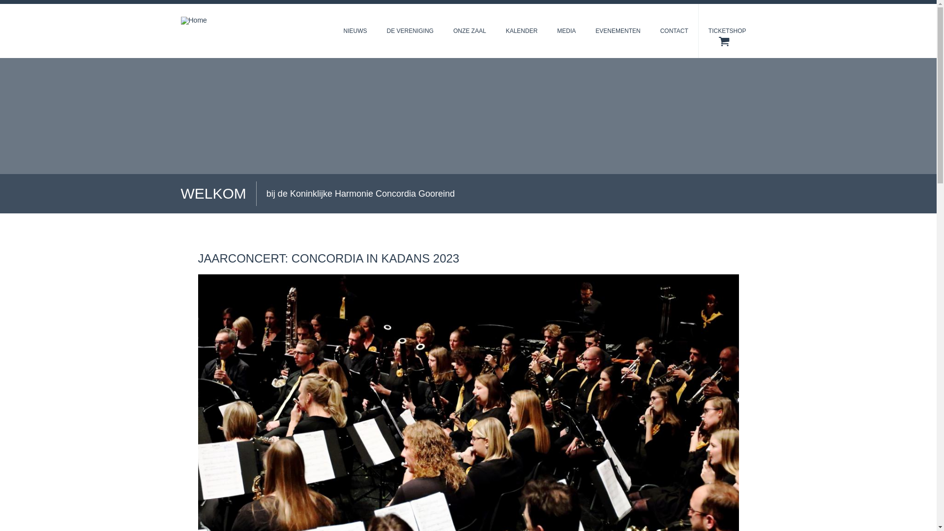  Describe the element at coordinates (328, 258) in the screenshot. I see `'JAARCONCERT: CONCORDIA IN KADANS 2023'` at that location.